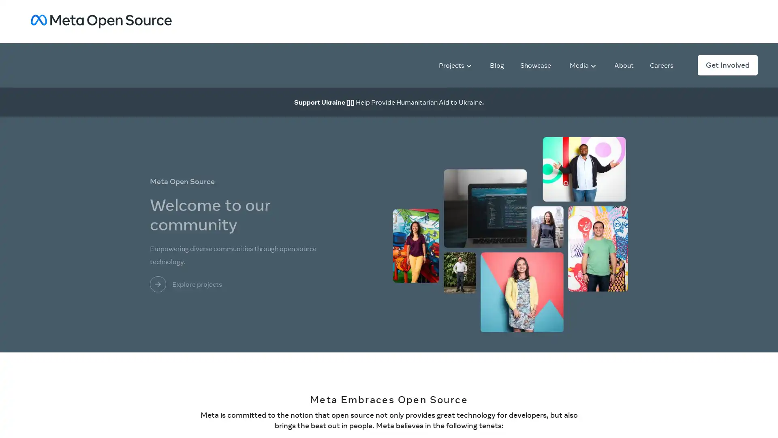  What do you see at coordinates (582, 64) in the screenshot?
I see `Media` at bounding box center [582, 64].